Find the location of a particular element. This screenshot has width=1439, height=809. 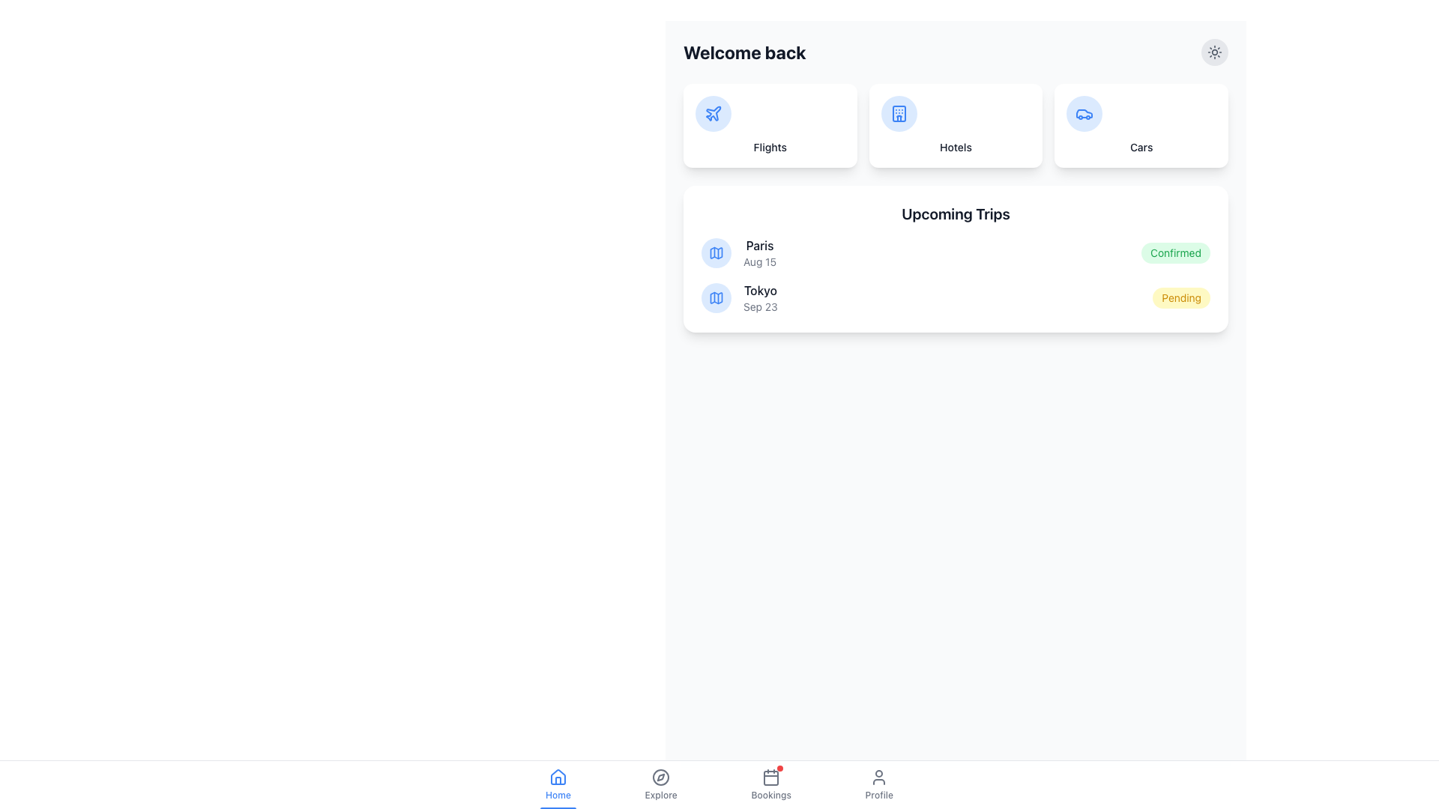

textual list containing trip information structured vertically, which includes locations, dates, and statuses for trips like 'Paris - Aug 15 - Confirmed' and 'Tokyo - Sep 23 - Pending' is located at coordinates (955, 275).